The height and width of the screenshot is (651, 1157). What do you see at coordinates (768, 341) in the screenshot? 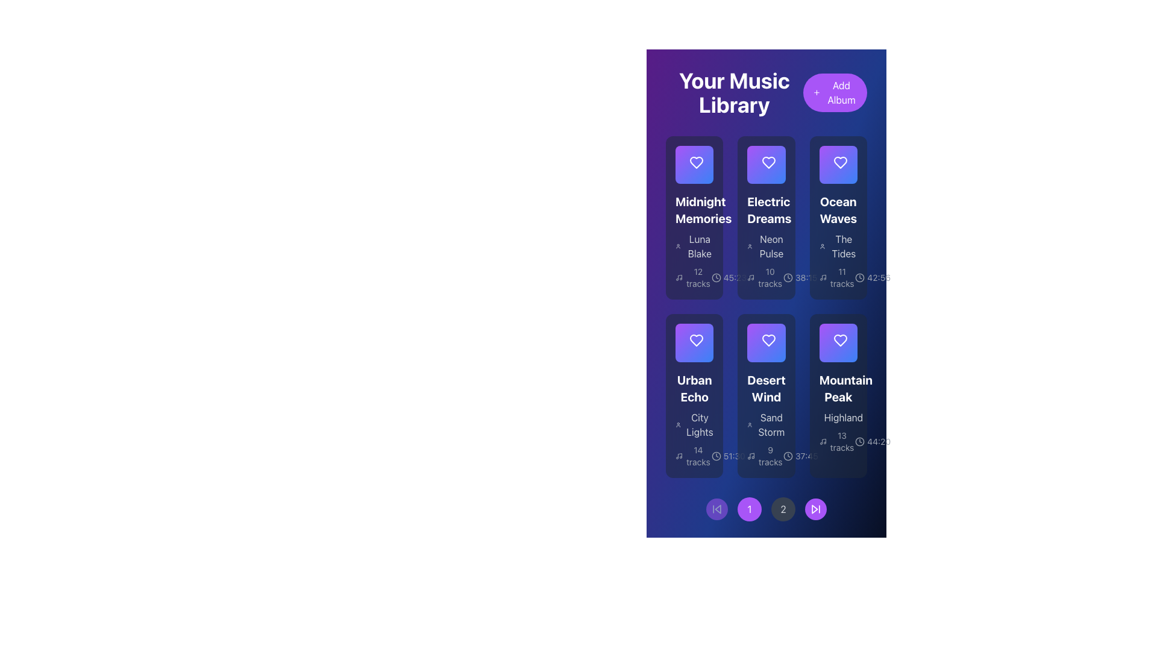
I see `the heart-shaped icon button located in the center of the 'Desert Wind' card` at bounding box center [768, 341].